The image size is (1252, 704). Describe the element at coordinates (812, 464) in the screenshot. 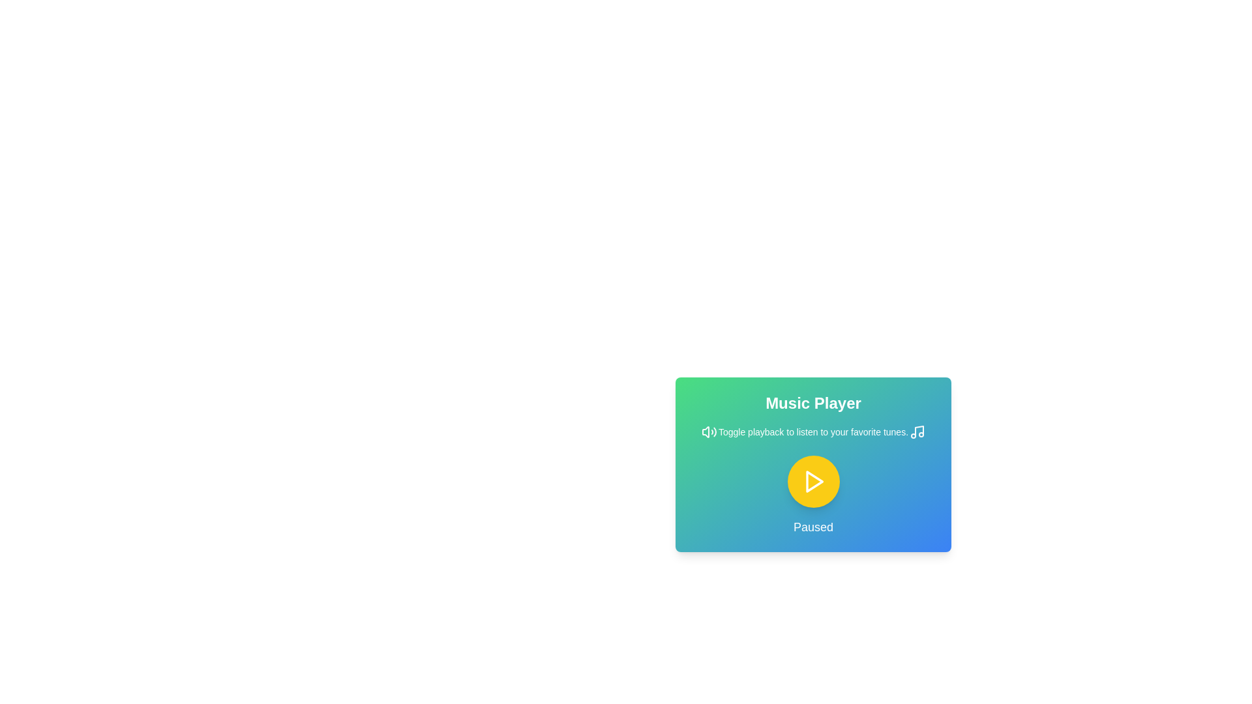

I see `the play button located in the music player UI module` at that location.